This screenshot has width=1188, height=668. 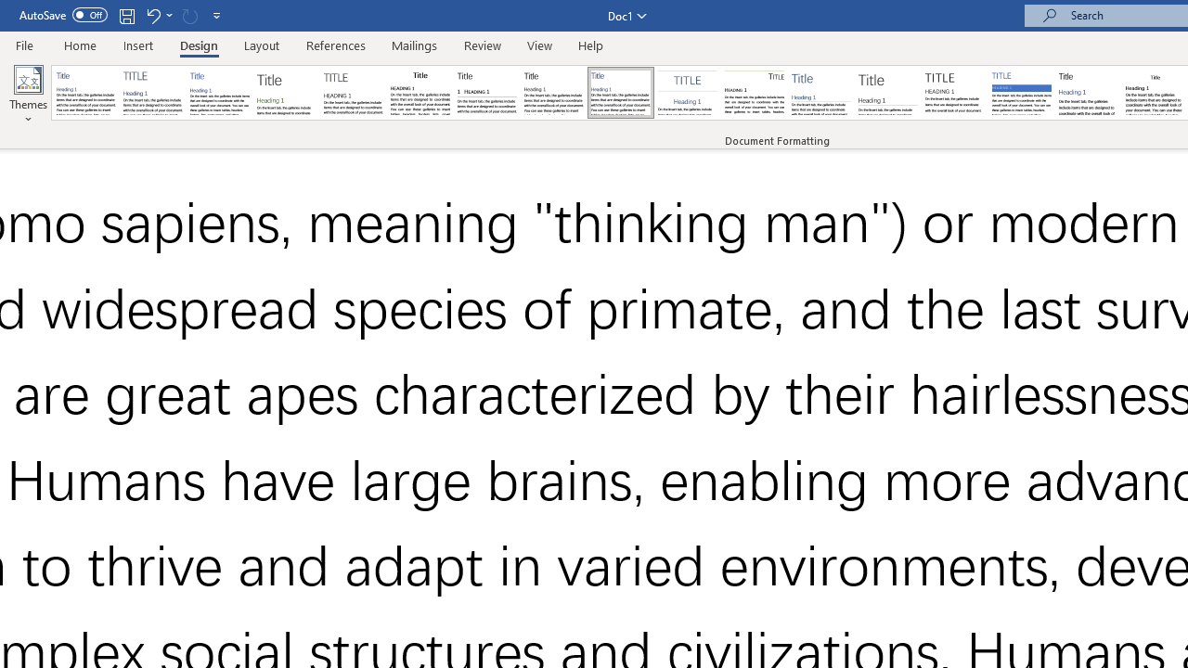 What do you see at coordinates (79, 45) in the screenshot?
I see `'Home'` at bounding box center [79, 45].